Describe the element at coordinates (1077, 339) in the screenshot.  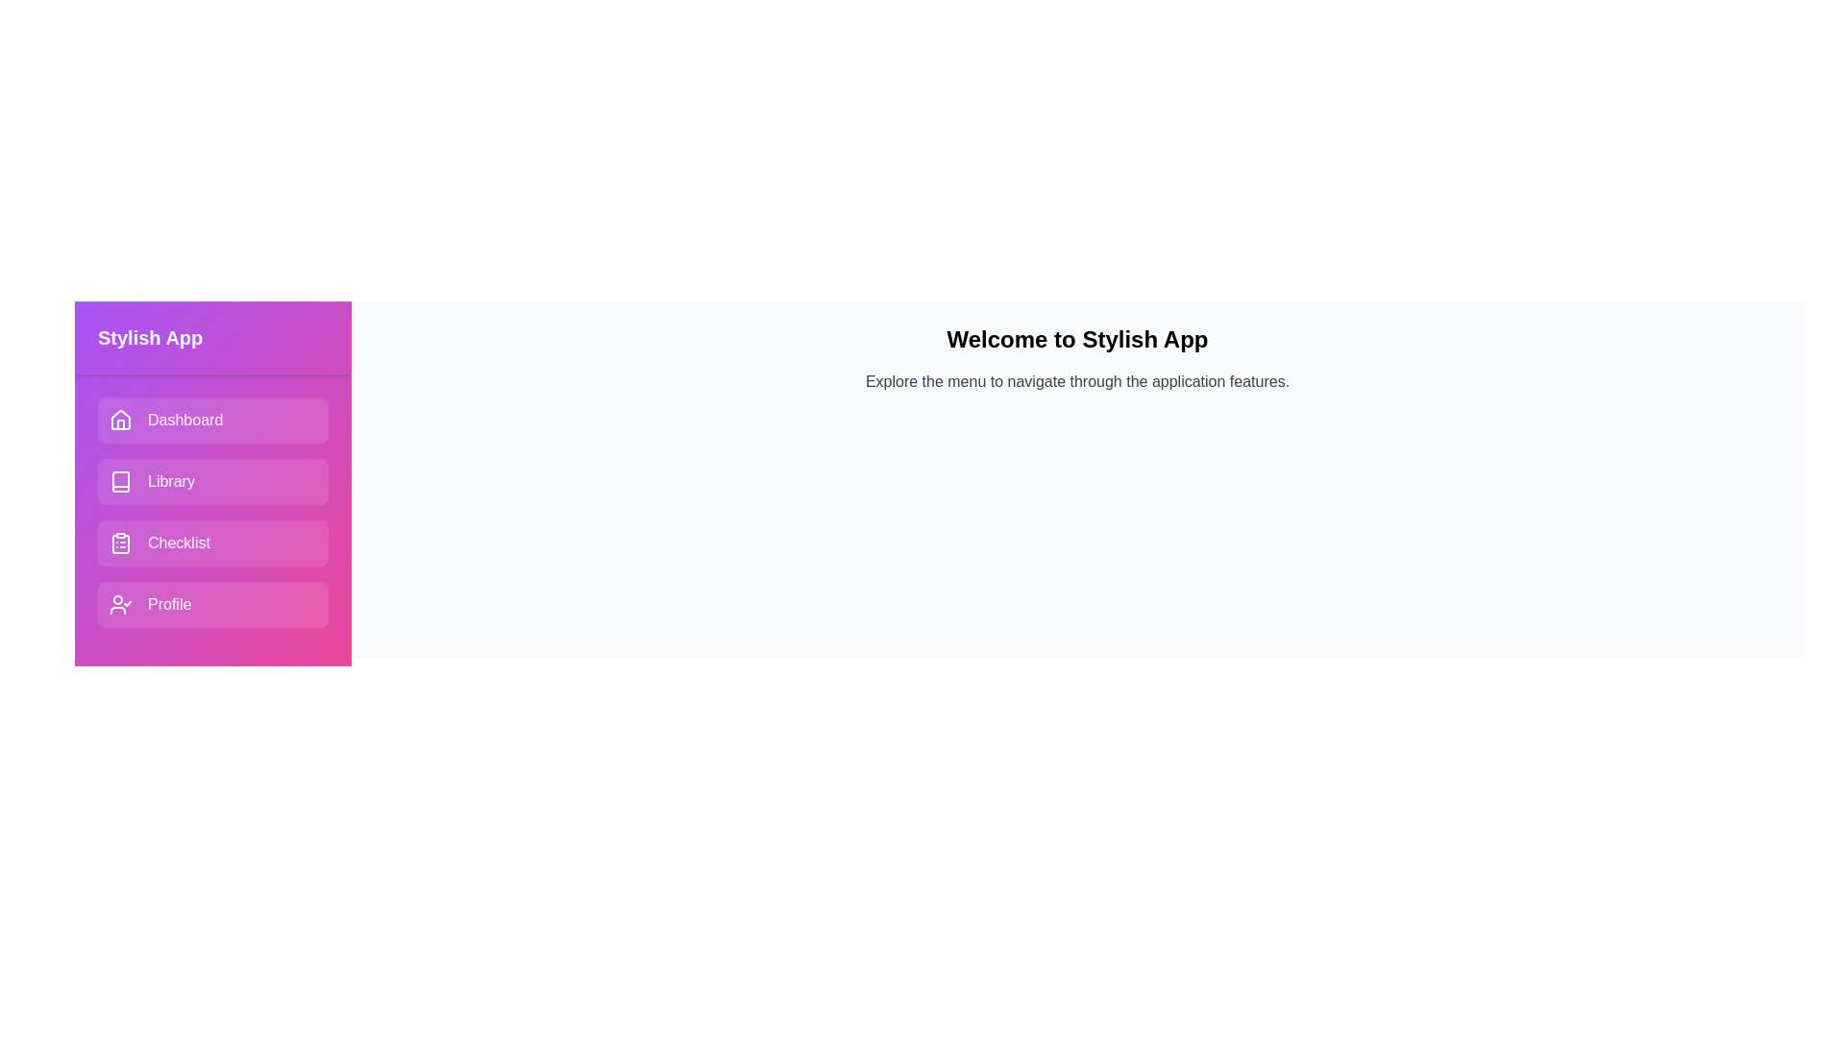
I see `the header text 'Welcome to Stylish App' to interact with it` at that location.